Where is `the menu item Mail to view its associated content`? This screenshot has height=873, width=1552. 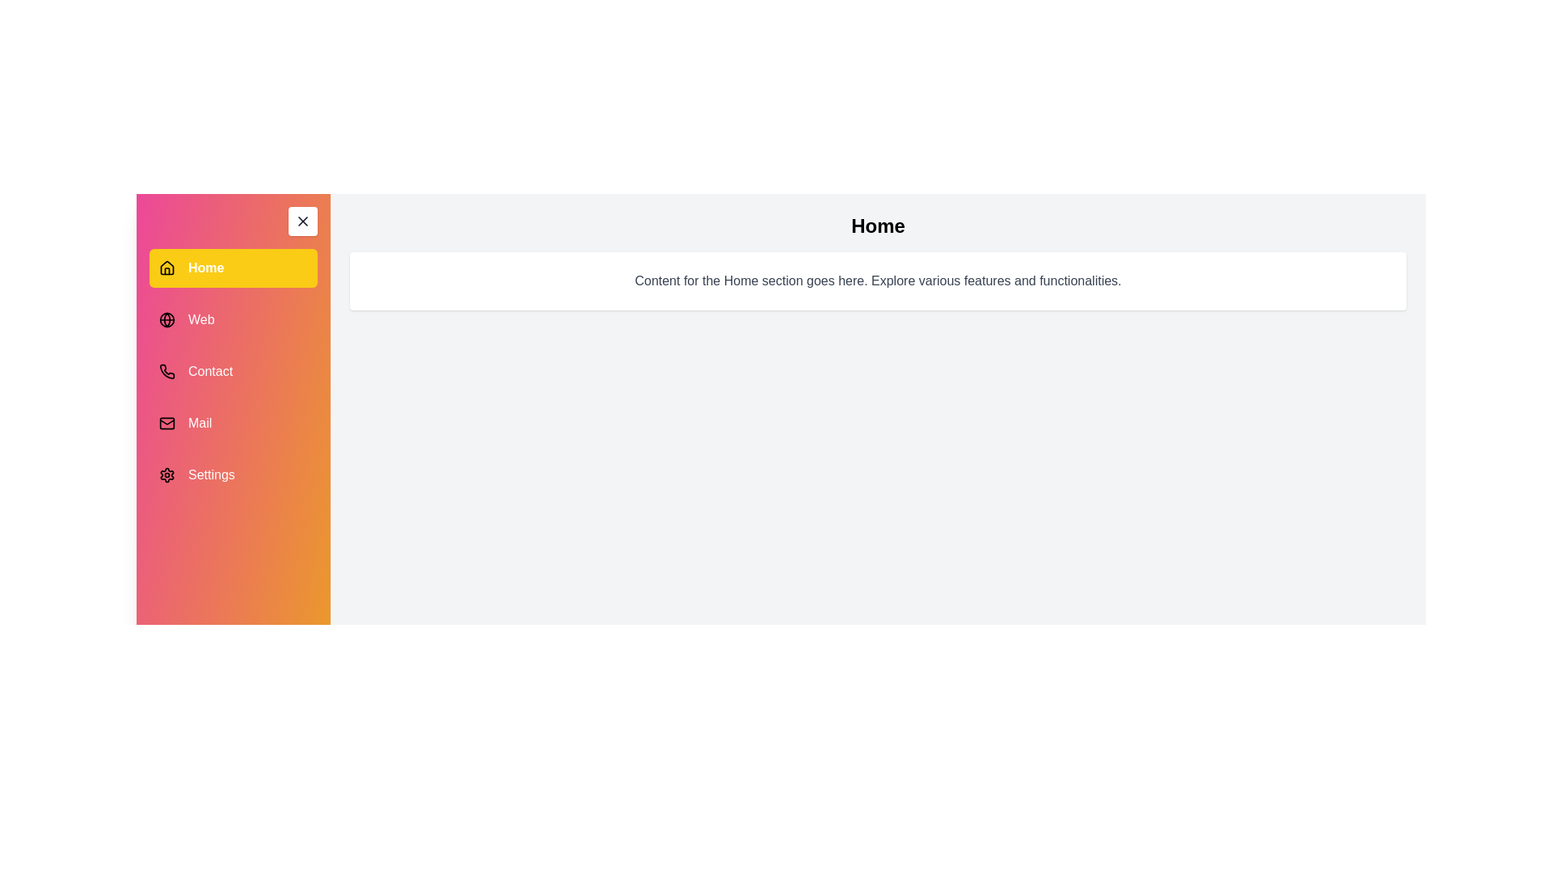
the menu item Mail to view its associated content is located at coordinates (232, 423).